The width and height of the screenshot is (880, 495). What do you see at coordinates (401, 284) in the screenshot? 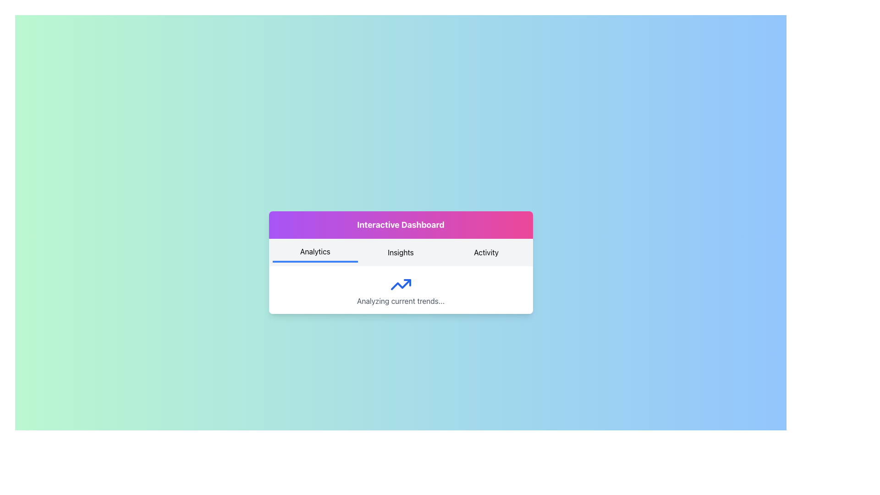
I see `the blue rising trend icon located centrally below the 'Analytics' section header and above the text 'Analyzing current trends...'` at bounding box center [401, 284].